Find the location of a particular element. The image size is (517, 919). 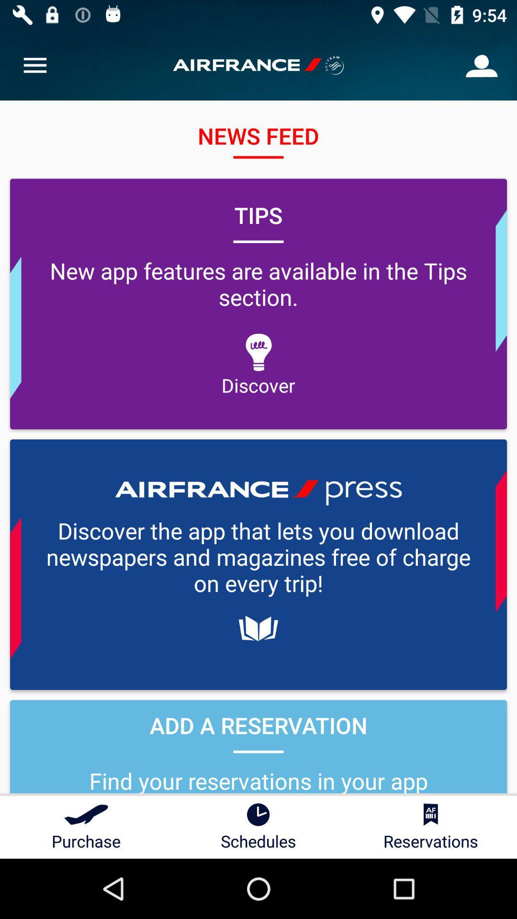

the icon to the left of the schedules item is located at coordinates (86, 827).